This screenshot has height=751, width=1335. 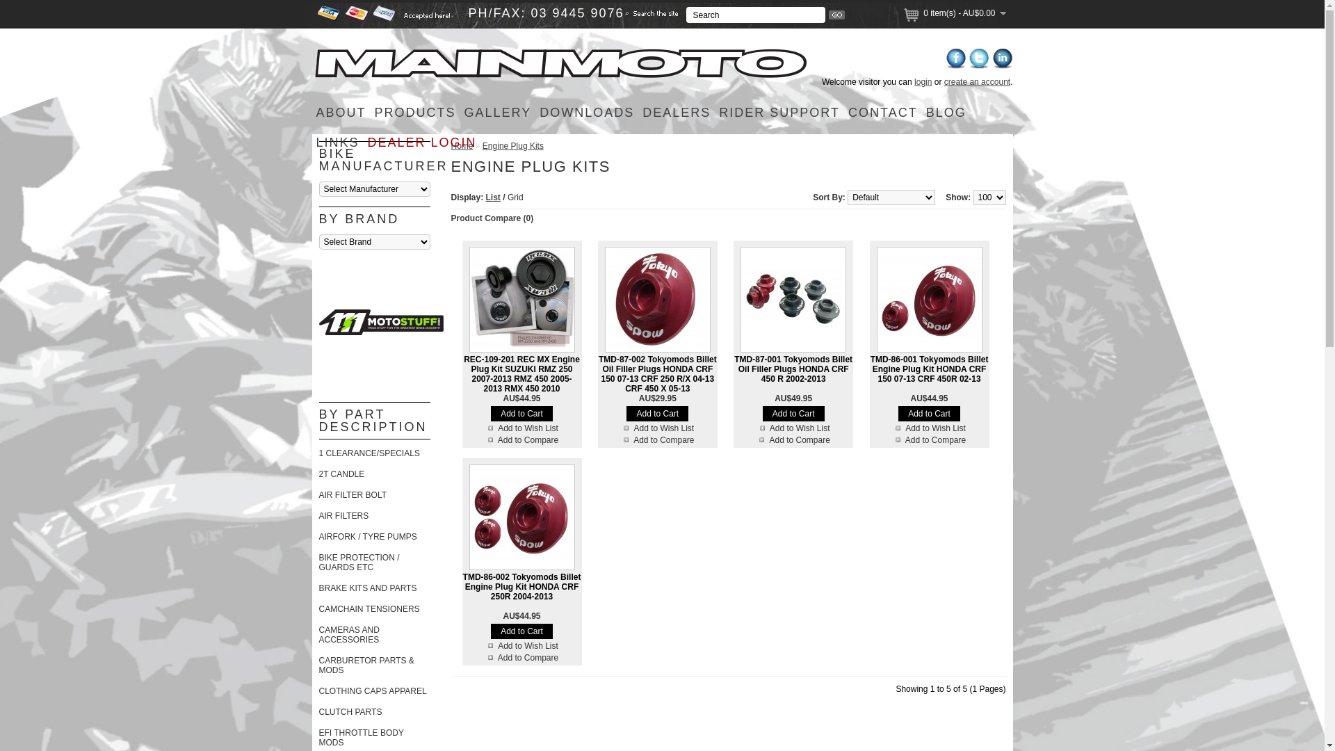 I want to click on 'List', so click(x=493, y=197).